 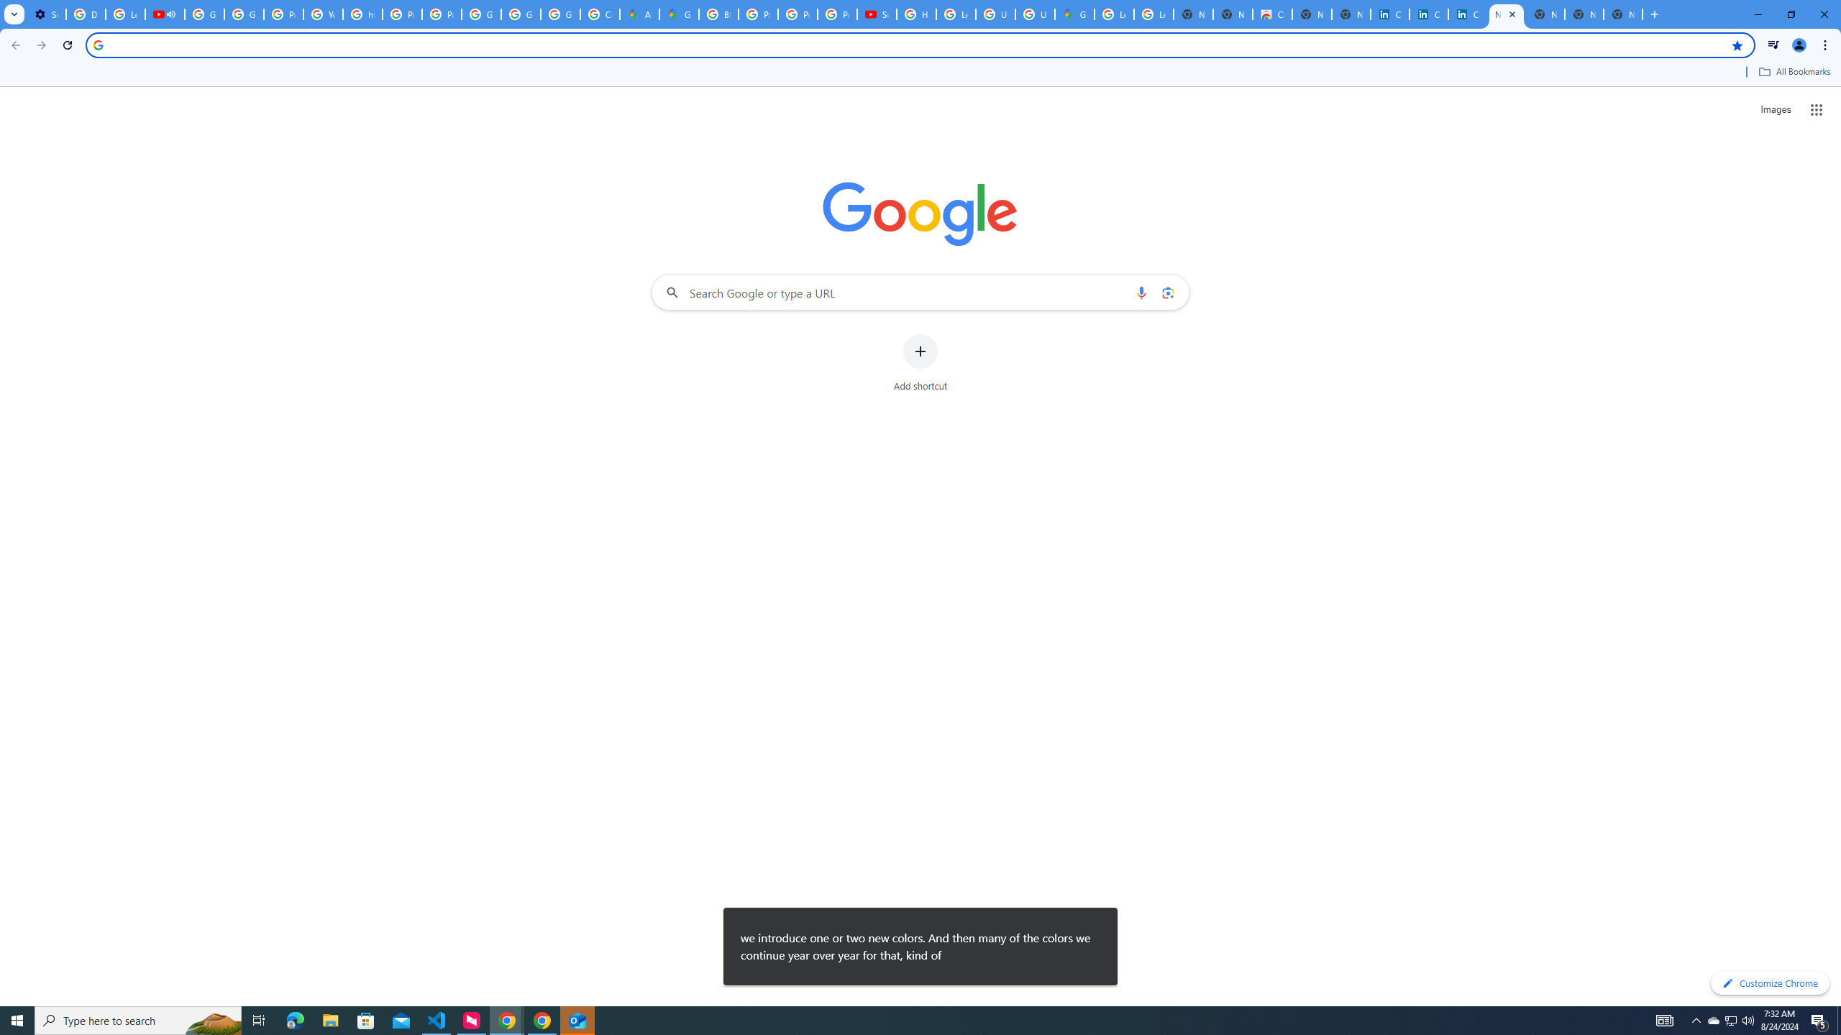 I want to click on 'Subscriptions - YouTube', so click(x=876, y=14).